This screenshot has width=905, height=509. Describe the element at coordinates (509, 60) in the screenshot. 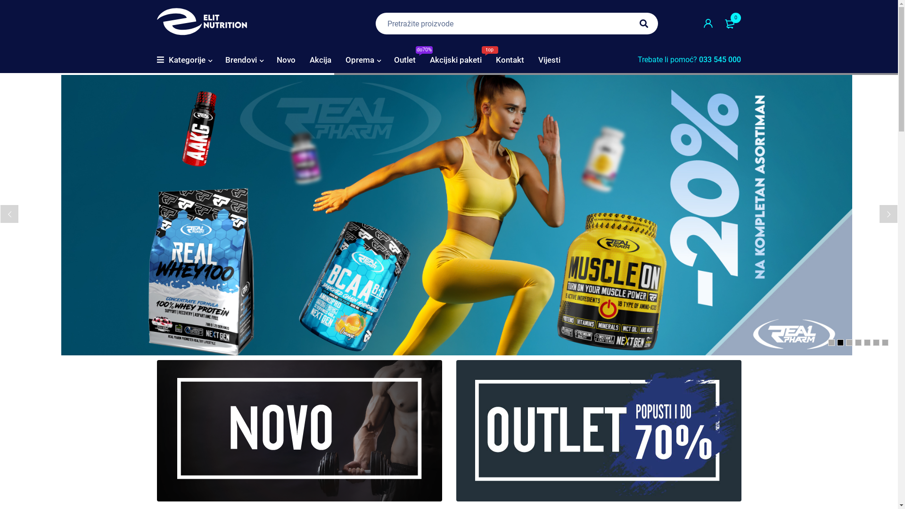

I see `'Kontakt'` at that location.